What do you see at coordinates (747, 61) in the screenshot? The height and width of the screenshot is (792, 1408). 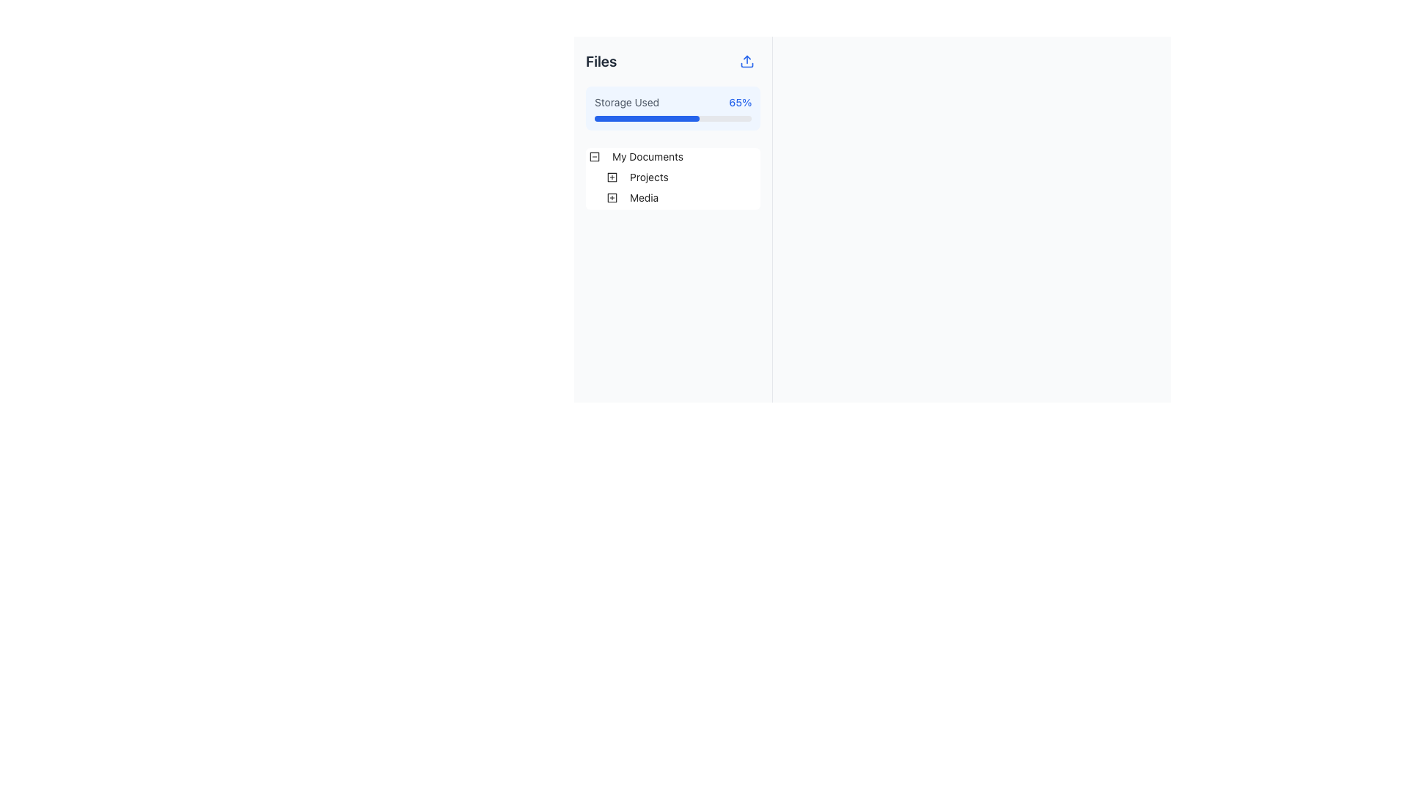 I see `the rounded blue button with an upload arrow icon located to the right of the 'Files' title` at bounding box center [747, 61].